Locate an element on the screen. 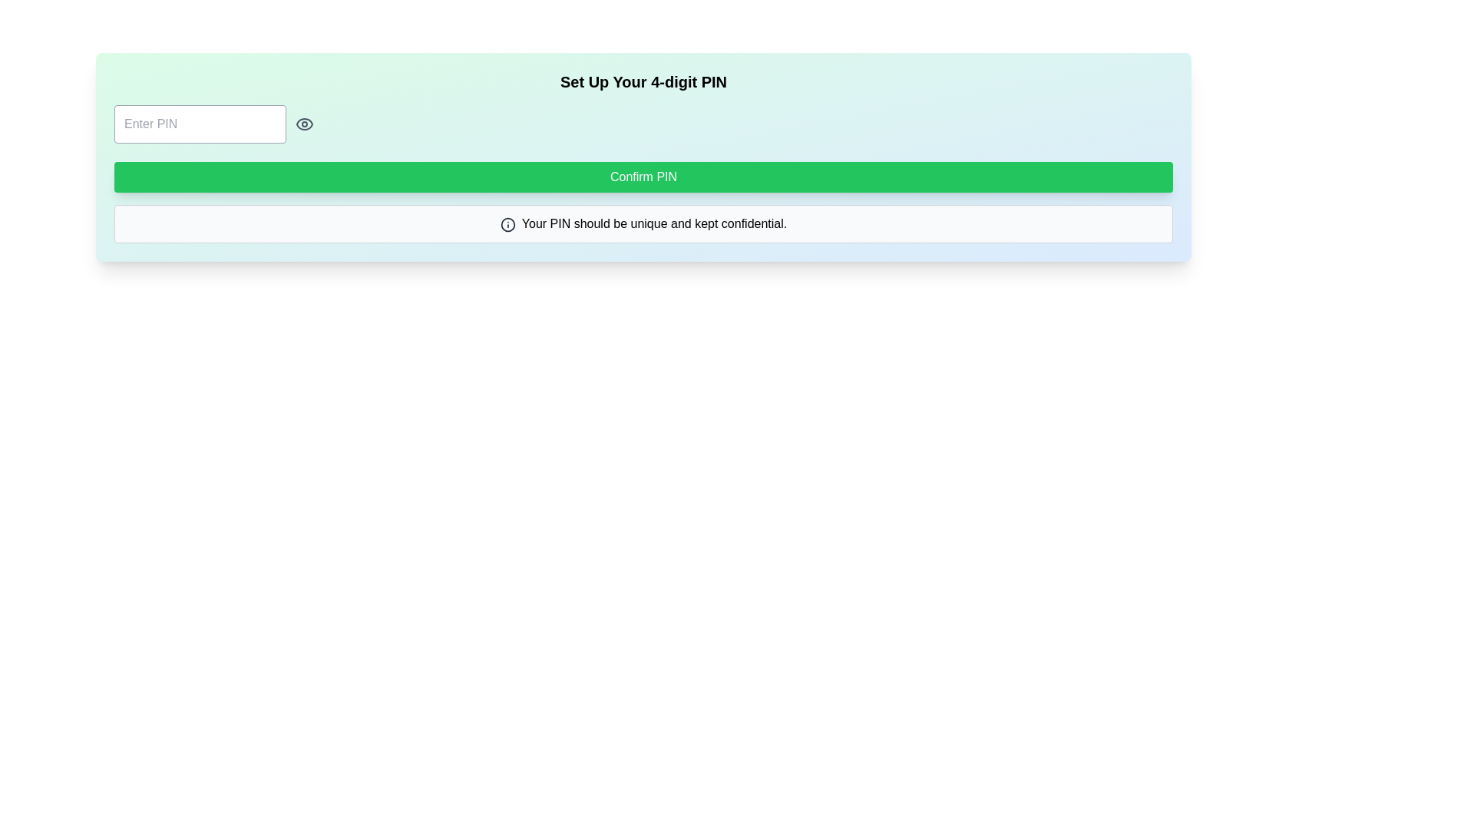 The width and height of the screenshot is (1474, 829). the 'Confirm PIN' button, which is a rectangular button with a green background and white text, centrally located below the 'Enter PIN' input field is located at coordinates (643, 177).